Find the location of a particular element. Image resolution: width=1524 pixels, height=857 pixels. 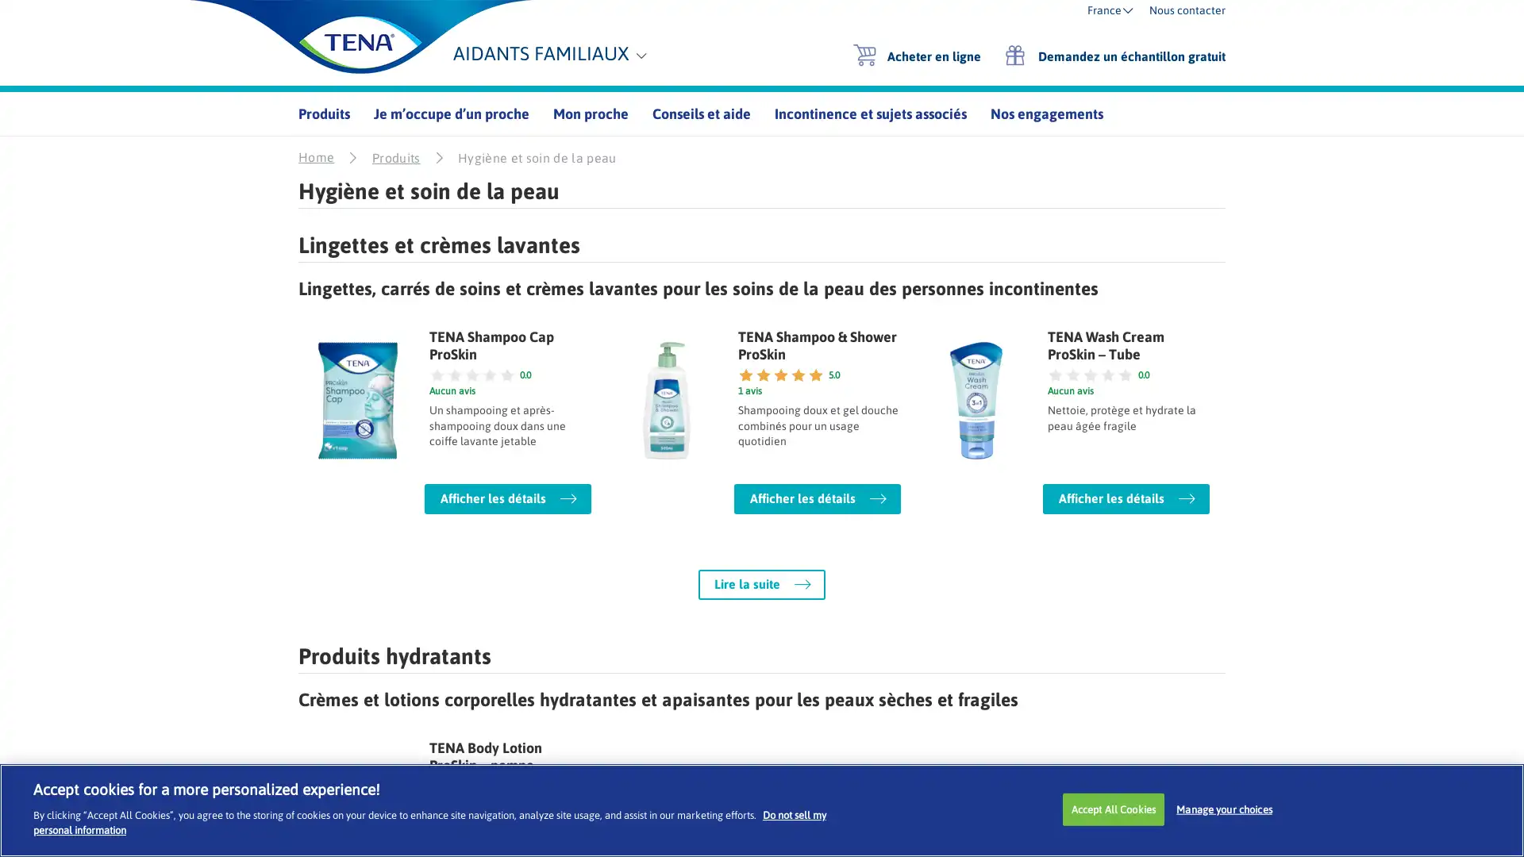

Manage your choices is located at coordinates (1223, 809).